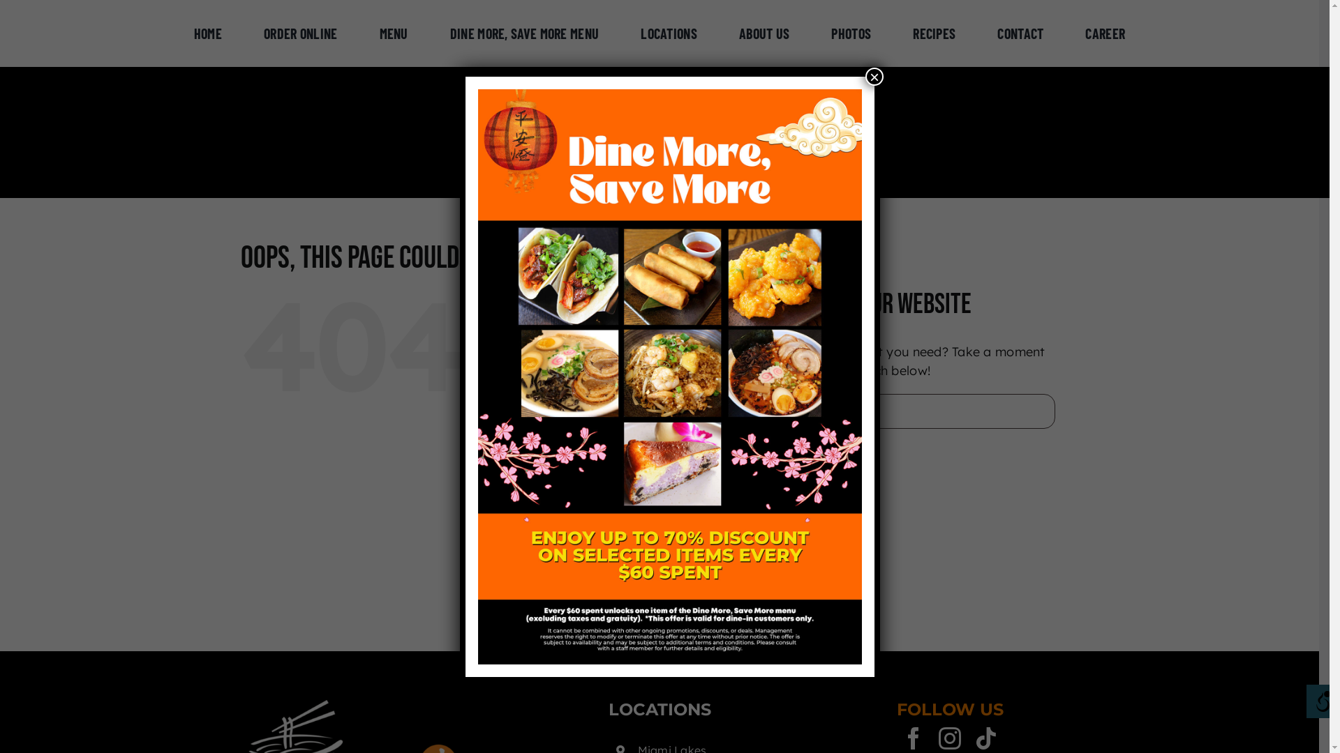 The image size is (1340, 753). Describe the element at coordinates (193, 32) in the screenshot. I see `'HOME'` at that location.